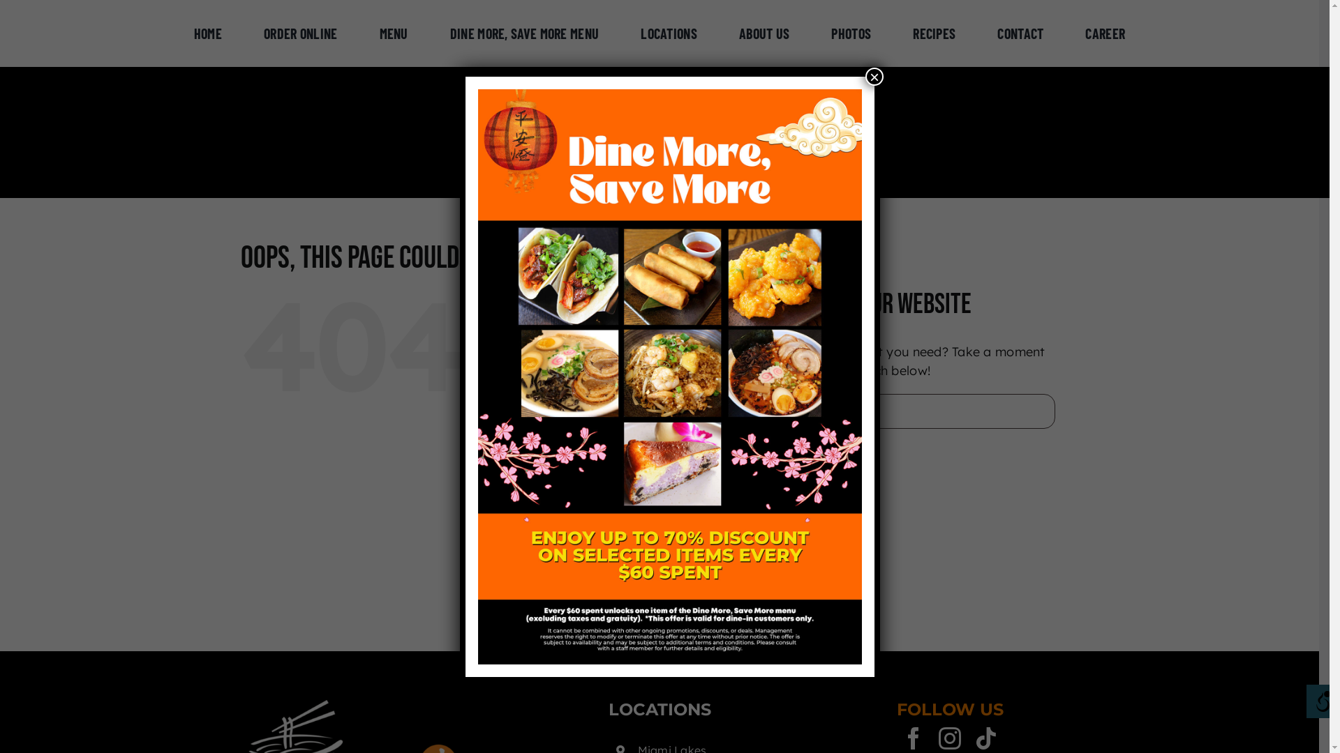 The image size is (1340, 753). Describe the element at coordinates (193, 32) in the screenshot. I see `'HOME'` at that location.